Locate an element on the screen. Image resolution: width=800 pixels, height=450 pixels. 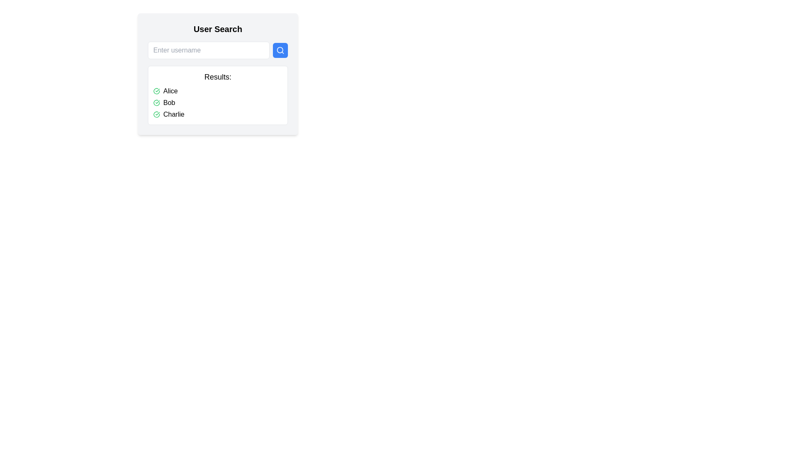
the second item in the vertical list containing 'Alice', 'Bob', and 'Charlie', which is located under the 'Results:' section of the 'User Search' interface is located at coordinates (218, 102).